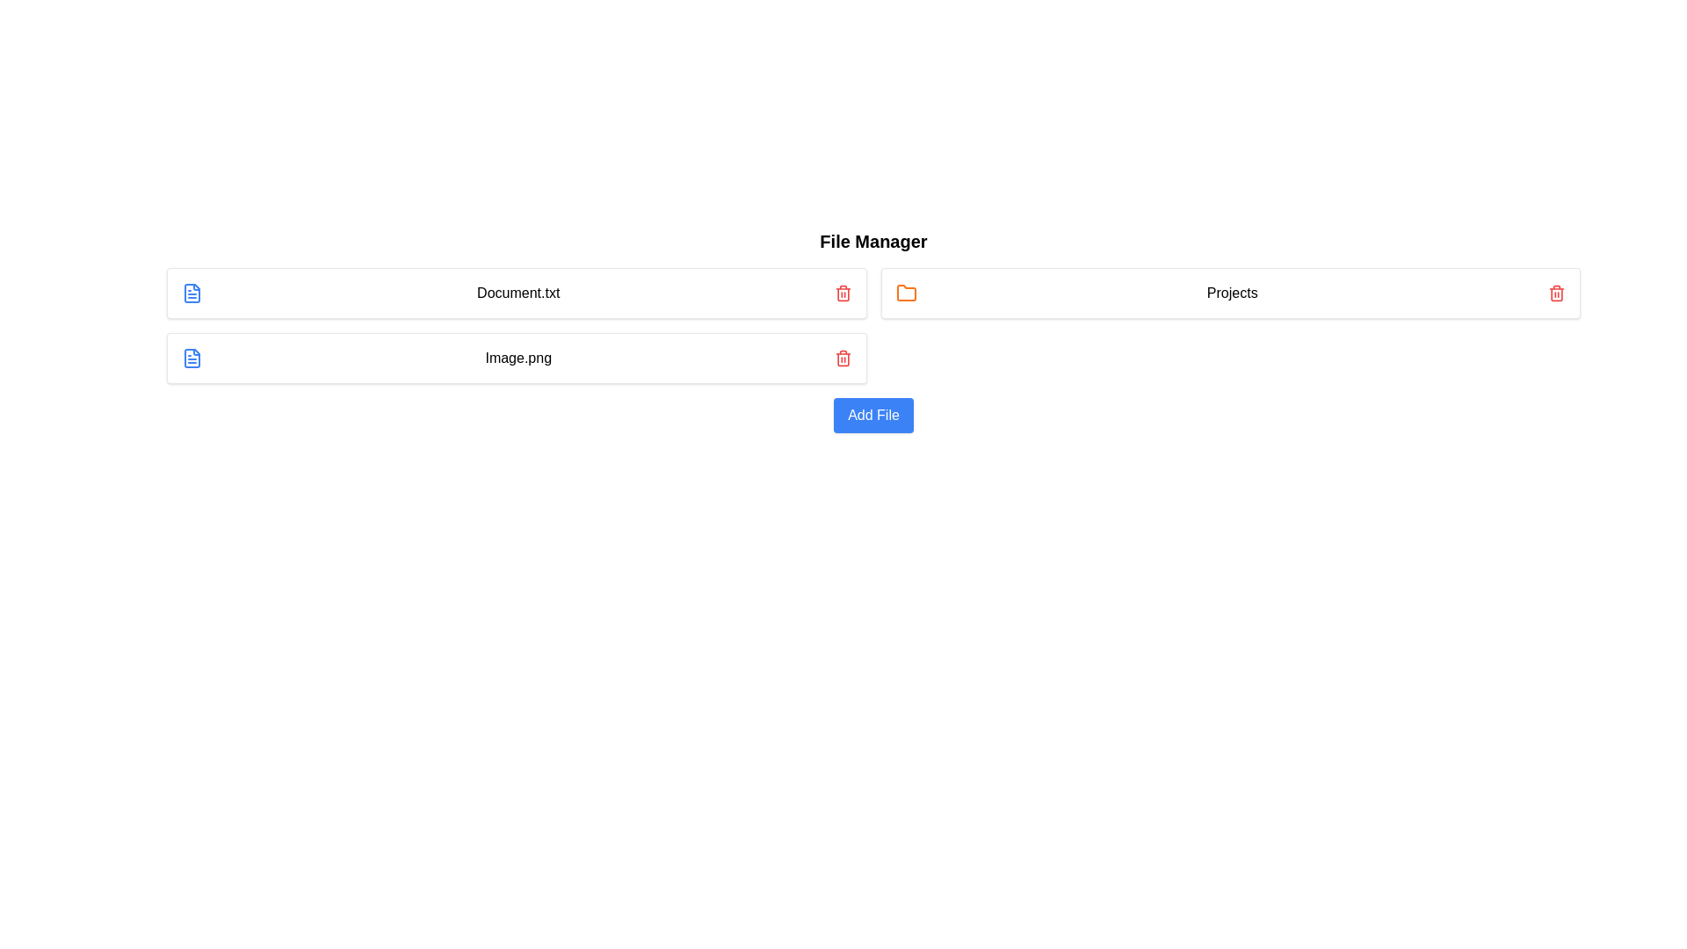 Image resolution: width=1687 pixels, height=949 pixels. Describe the element at coordinates (1556, 293) in the screenshot. I see `the red trash can icon button located on the far right of the 'Projects' panel` at that location.